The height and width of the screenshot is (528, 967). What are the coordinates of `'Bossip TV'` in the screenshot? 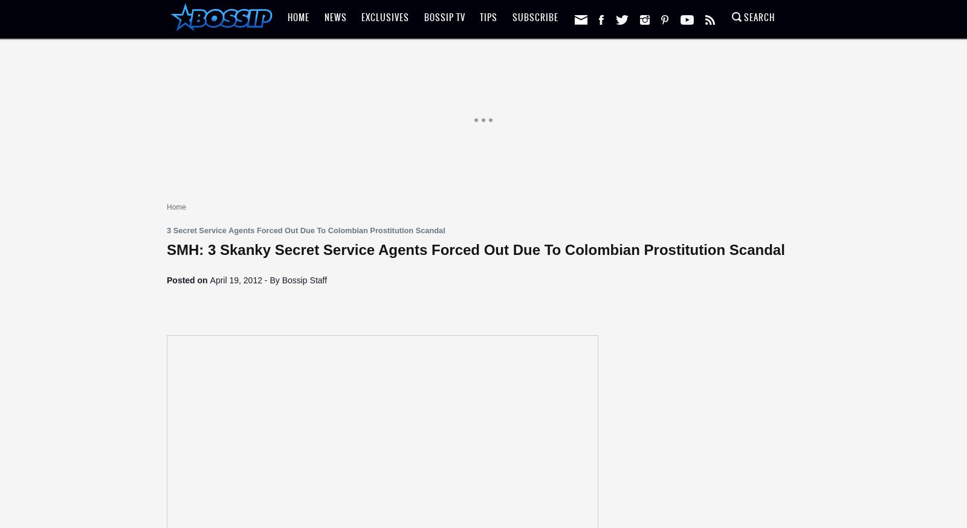 It's located at (423, 17).